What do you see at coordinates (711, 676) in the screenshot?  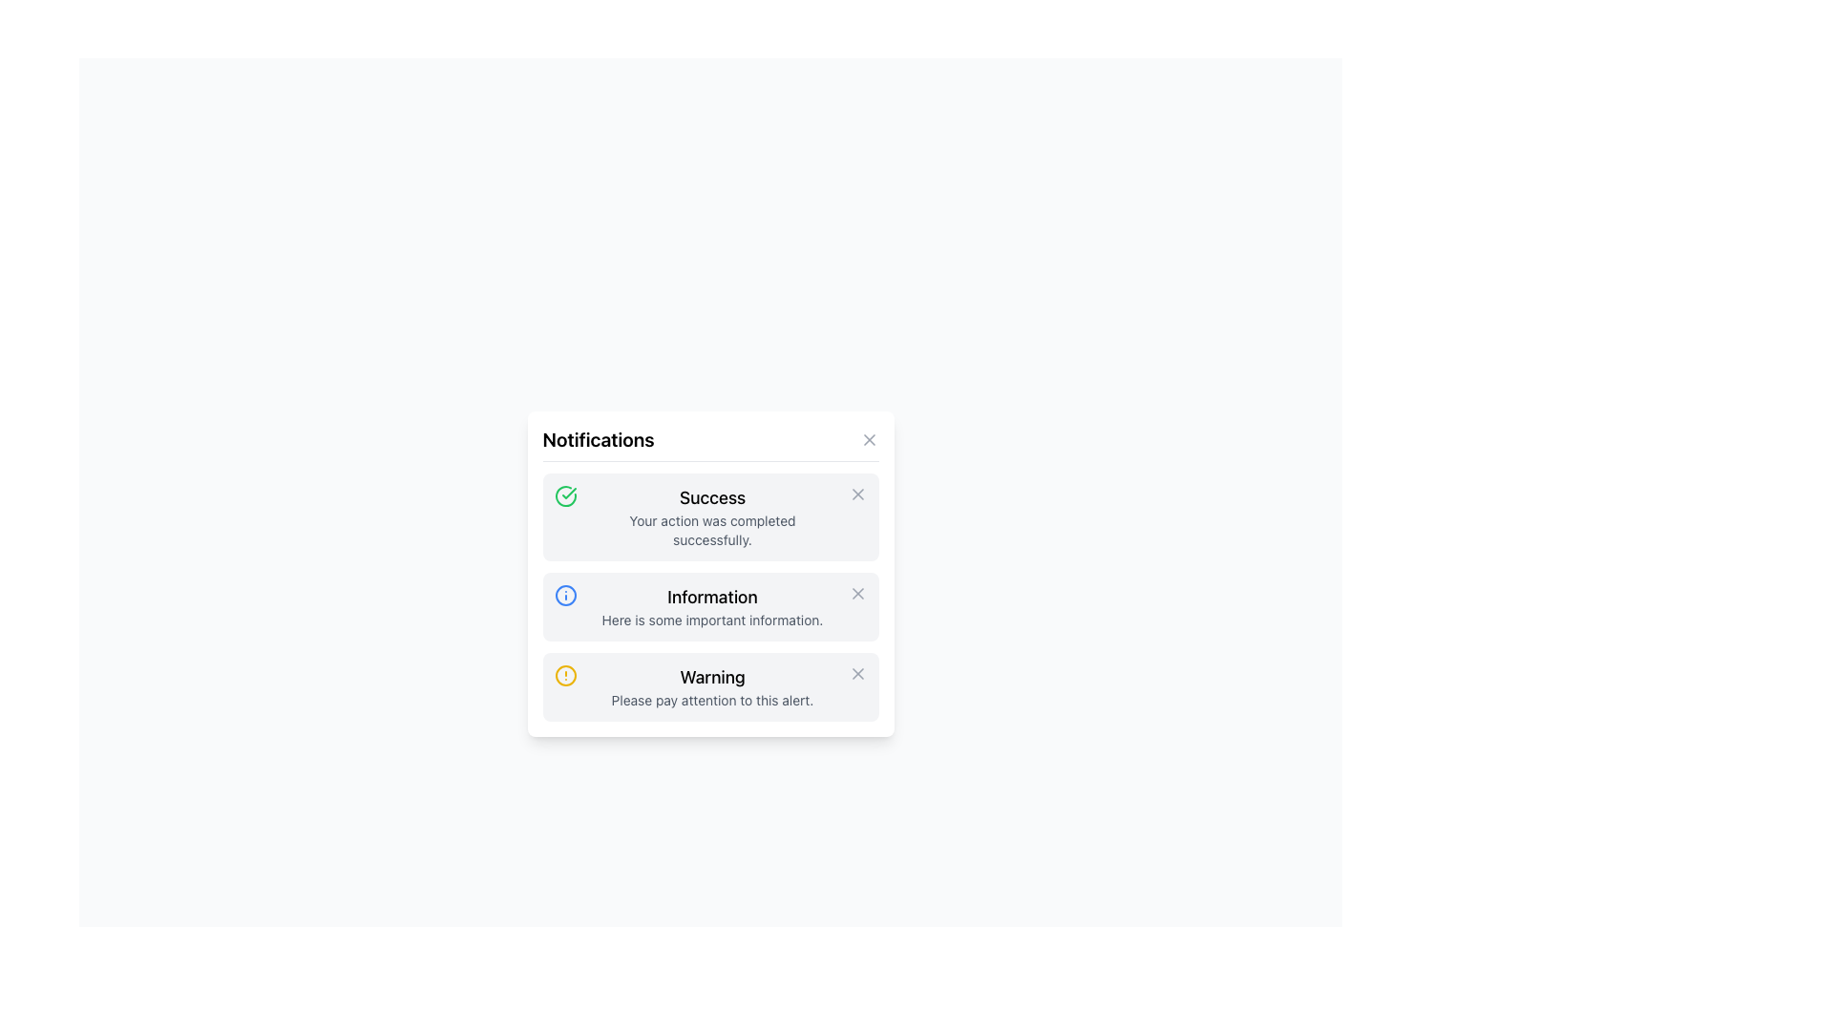 I see `text of the warning title located at the center of the third notification card, which serves as the main heading` at bounding box center [711, 676].